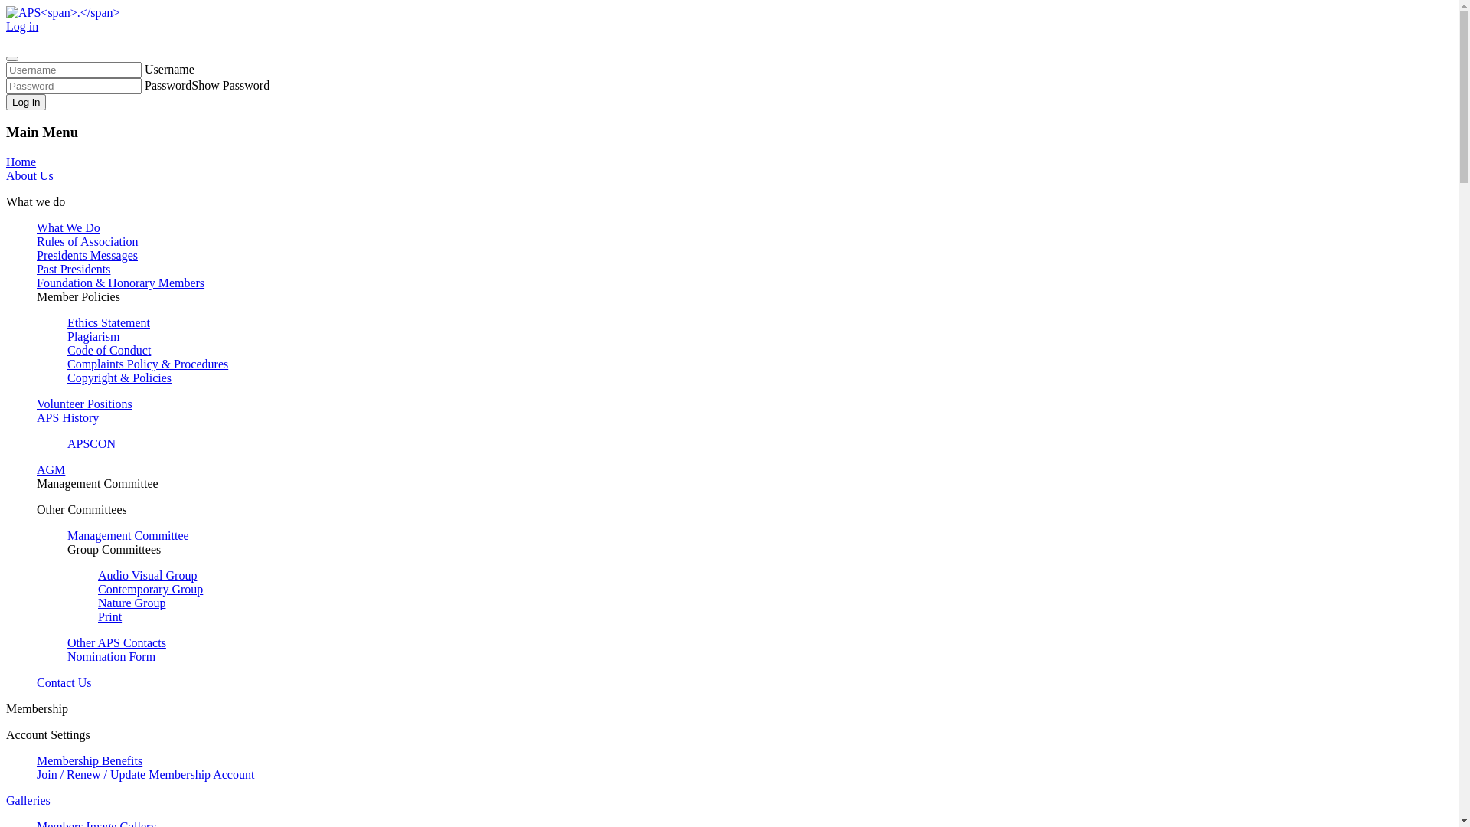 This screenshot has width=1470, height=827. Describe the element at coordinates (147, 575) in the screenshot. I see `'Audio Visual Group'` at that location.